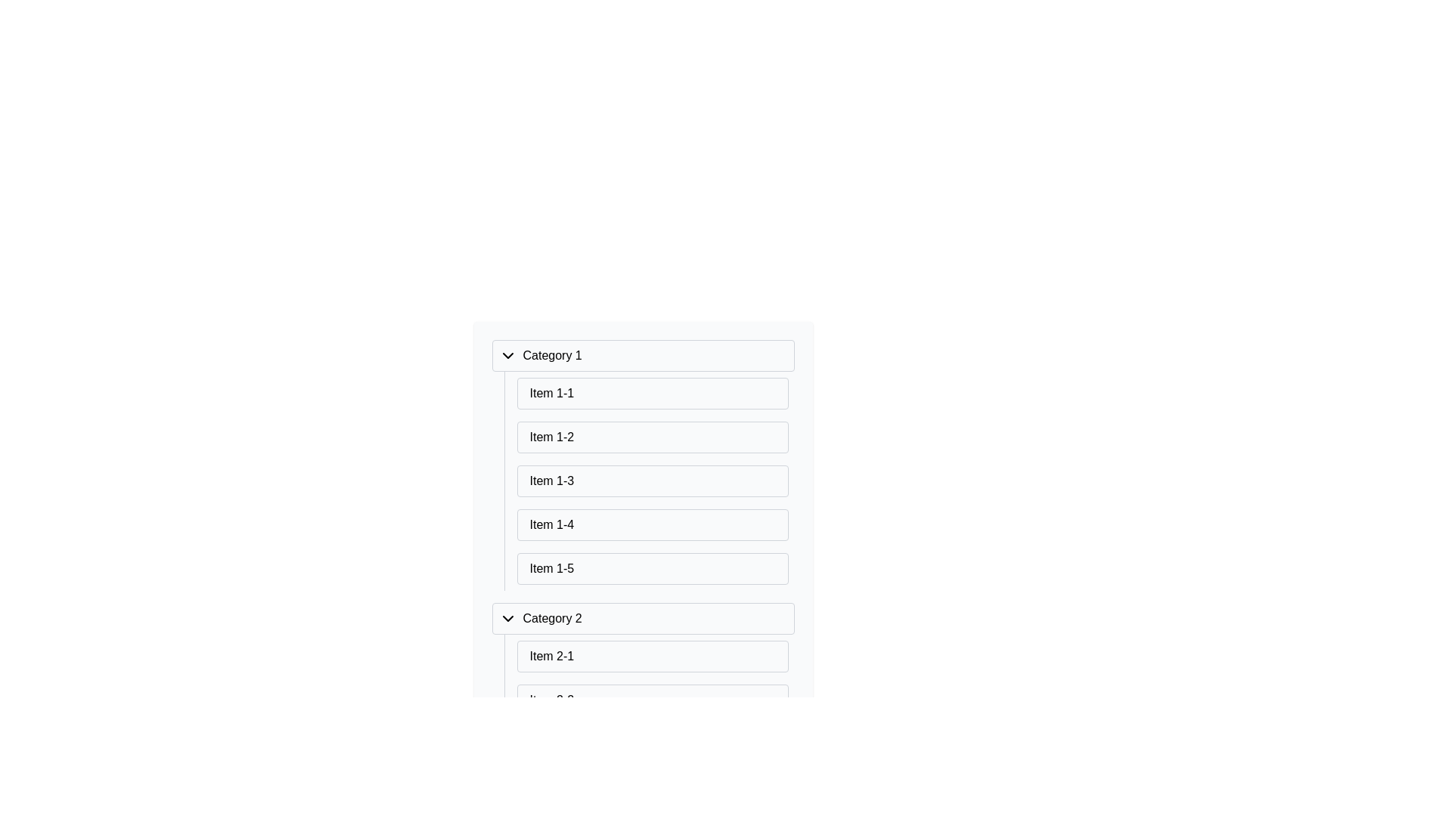  Describe the element at coordinates (653, 392) in the screenshot. I see `the first list item in the 'Category 1' section, which is displayed at the top of the list and has a white border separating it from the subsequent items` at that location.